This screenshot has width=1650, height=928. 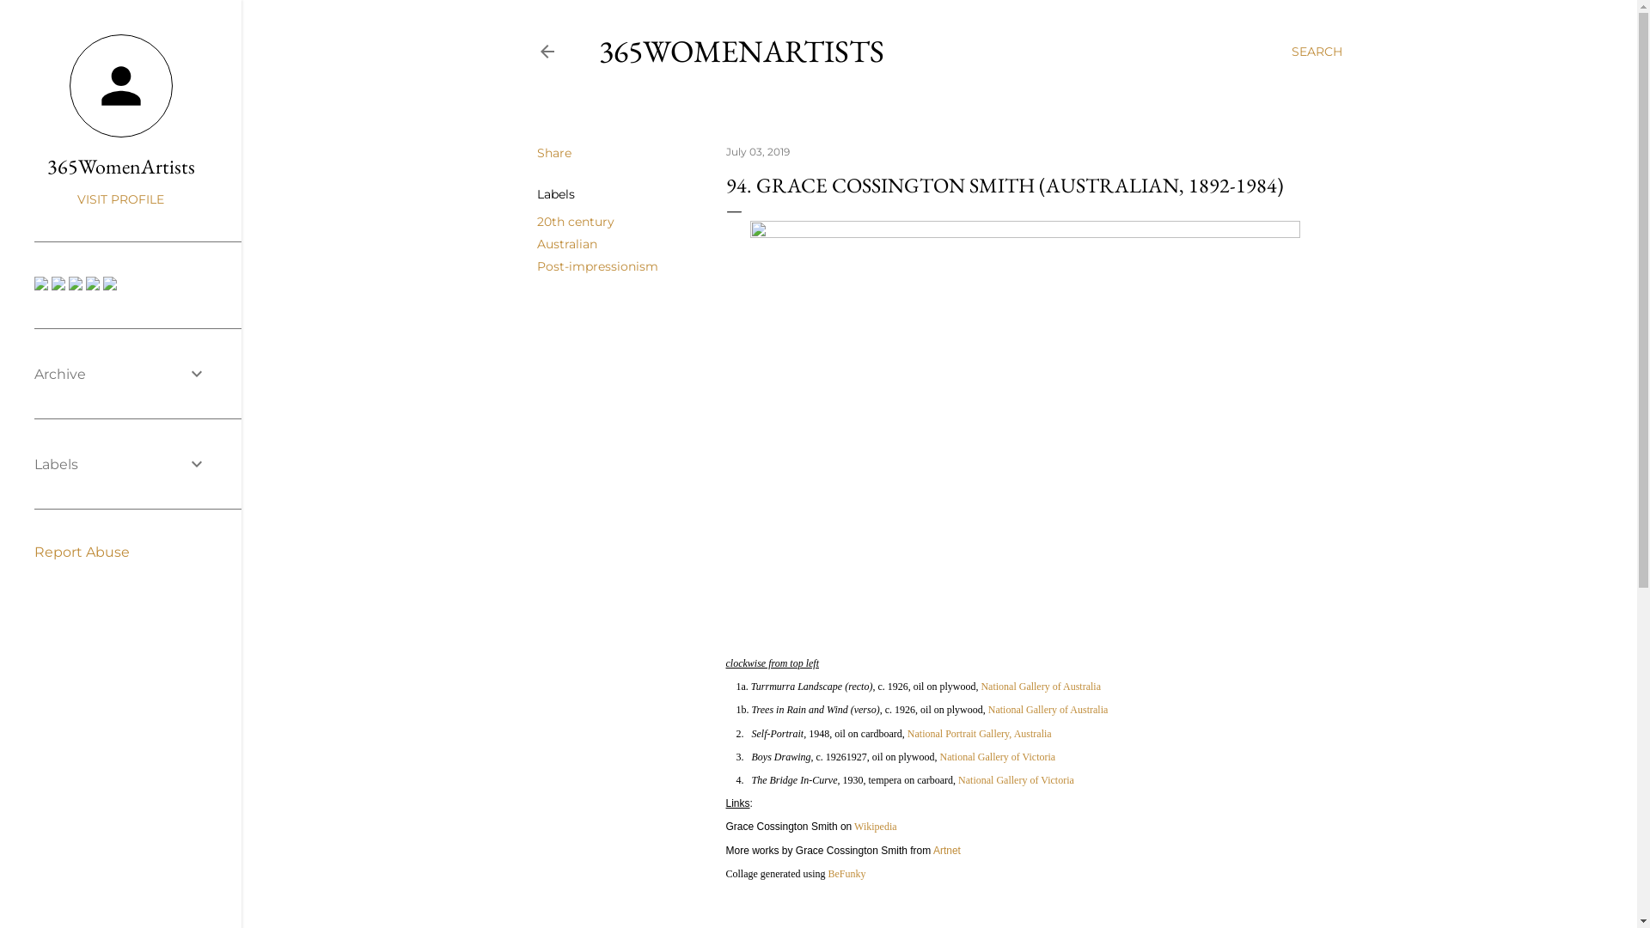 What do you see at coordinates (34, 552) in the screenshot?
I see `'Report Abuse'` at bounding box center [34, 552].